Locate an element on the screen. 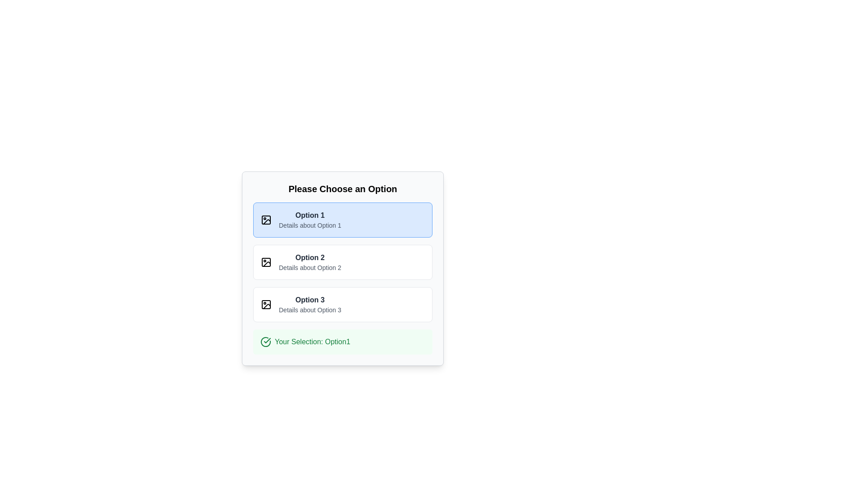 The height and width of the screenshot is (486, 865). the static text label displaying 'Option 3' which is part of a list of selectable options, located in the center of the page is located at coordinates (310, 300).